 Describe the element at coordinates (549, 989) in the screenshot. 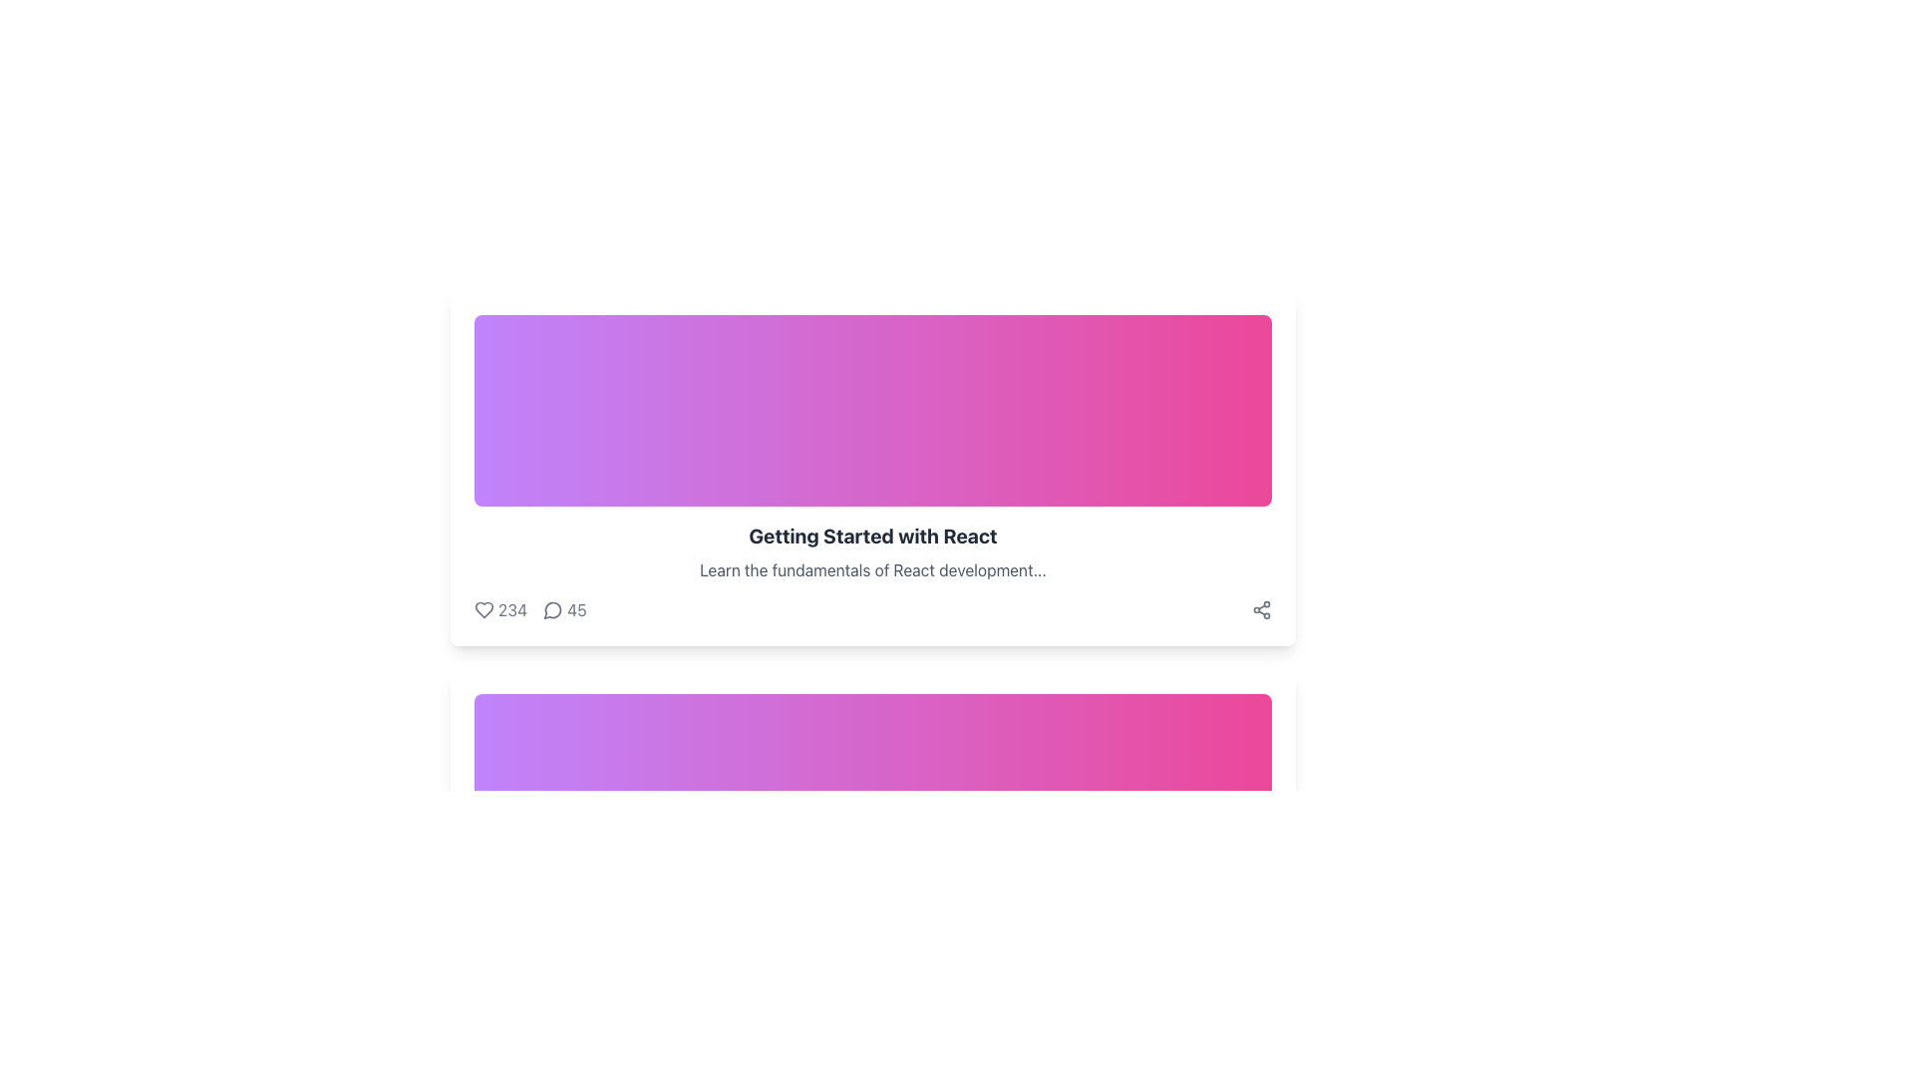

I see `graphical icon resembling a dialogue or comment bubble, which is styled with thin lines and positioned centrally in the footer section, for design or development purposes` at that location.